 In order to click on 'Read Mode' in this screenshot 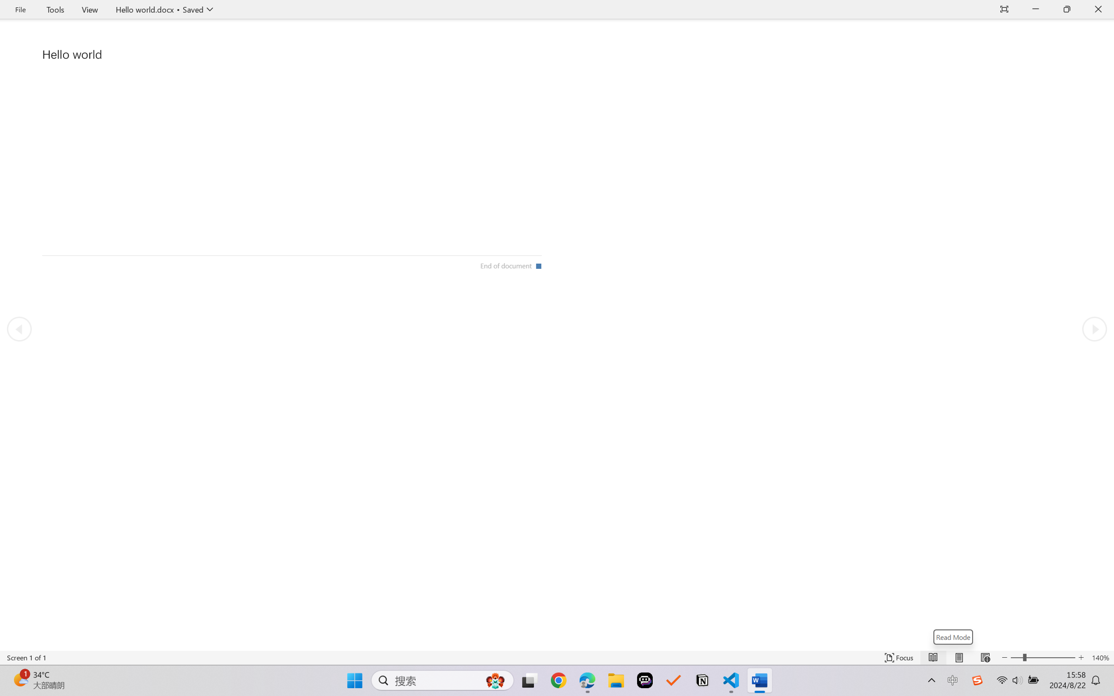, I will do `click(933, 657)`.